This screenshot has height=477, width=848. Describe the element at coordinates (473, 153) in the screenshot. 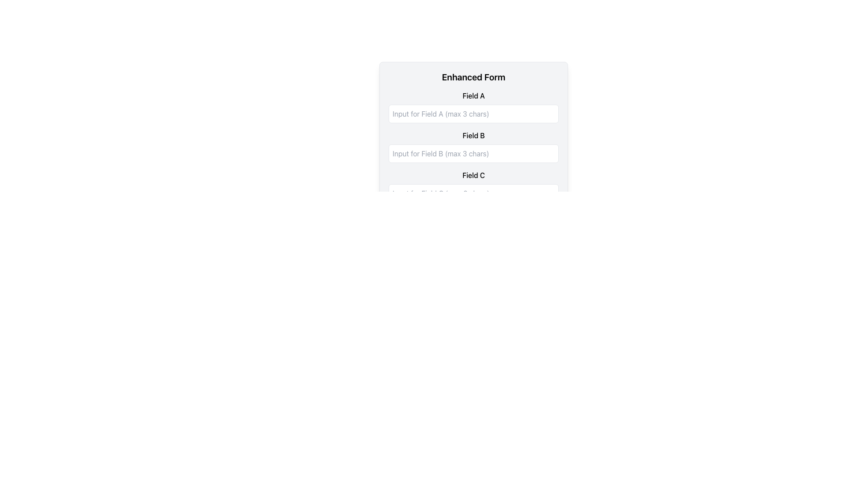

I see `the second text input field below 'Field B' by tabbing to it` at that location.